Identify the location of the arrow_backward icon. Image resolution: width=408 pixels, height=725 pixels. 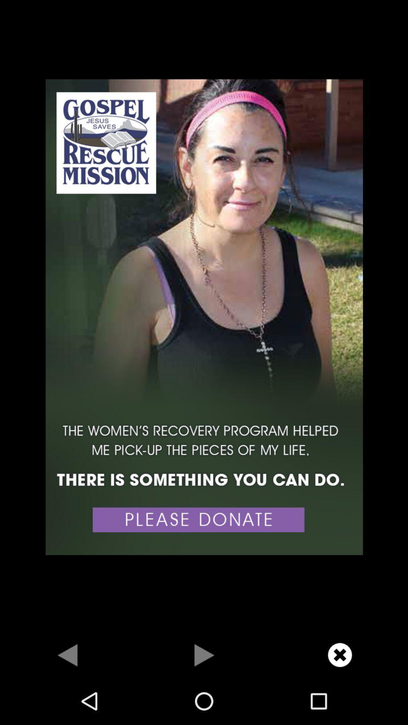
(68, 700).